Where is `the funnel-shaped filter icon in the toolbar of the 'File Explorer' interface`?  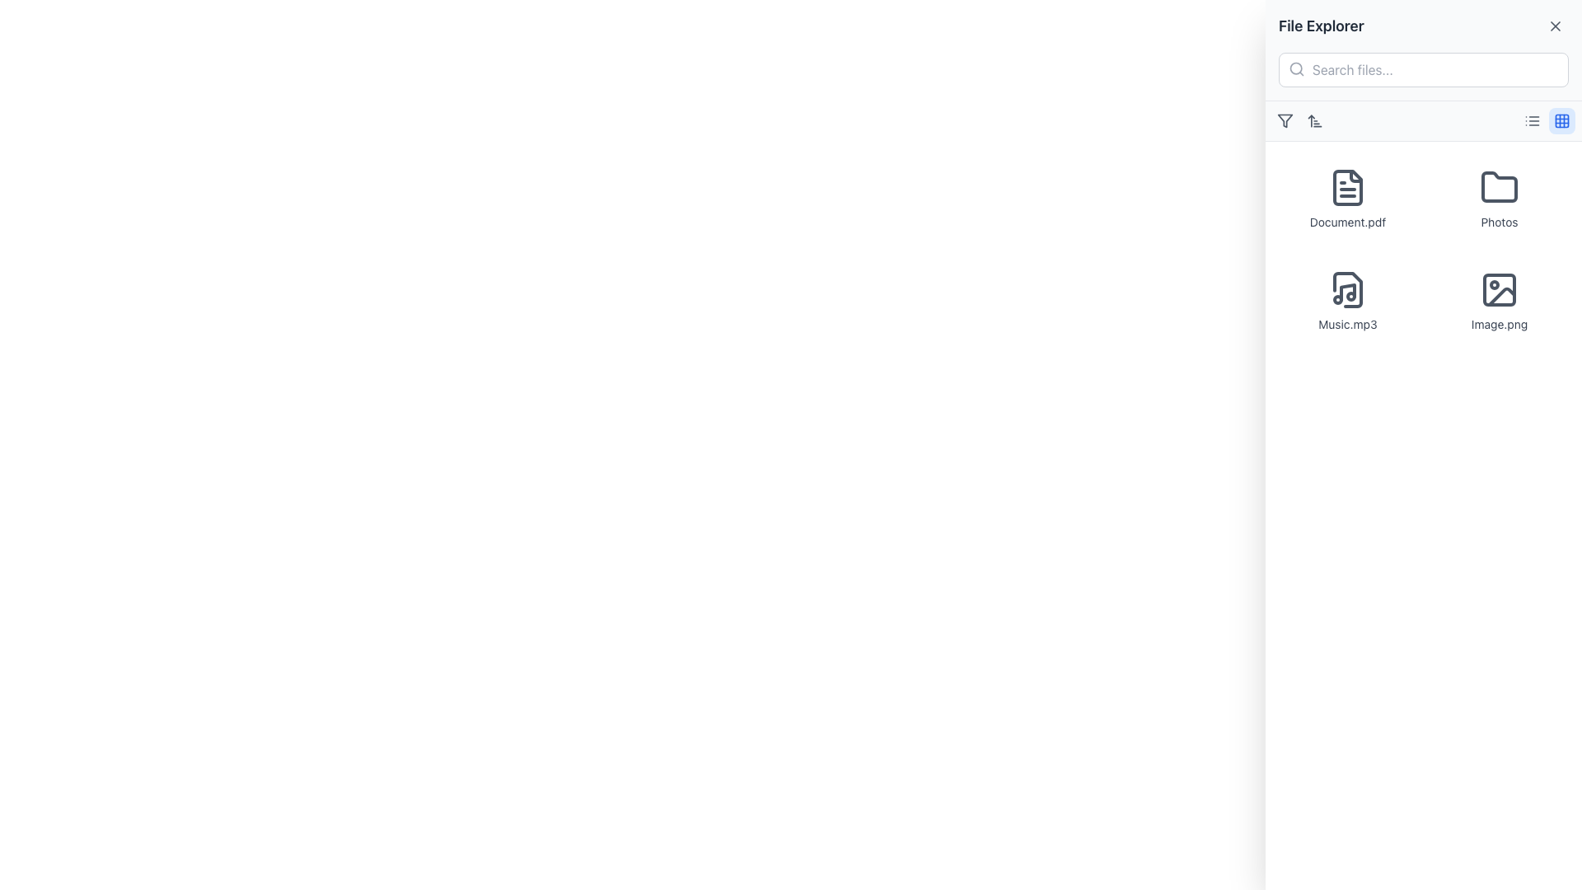
the funnel-shaped filter icon in the toolbar of the 'File Explorer' interface is located at coordinates (1285, 119).